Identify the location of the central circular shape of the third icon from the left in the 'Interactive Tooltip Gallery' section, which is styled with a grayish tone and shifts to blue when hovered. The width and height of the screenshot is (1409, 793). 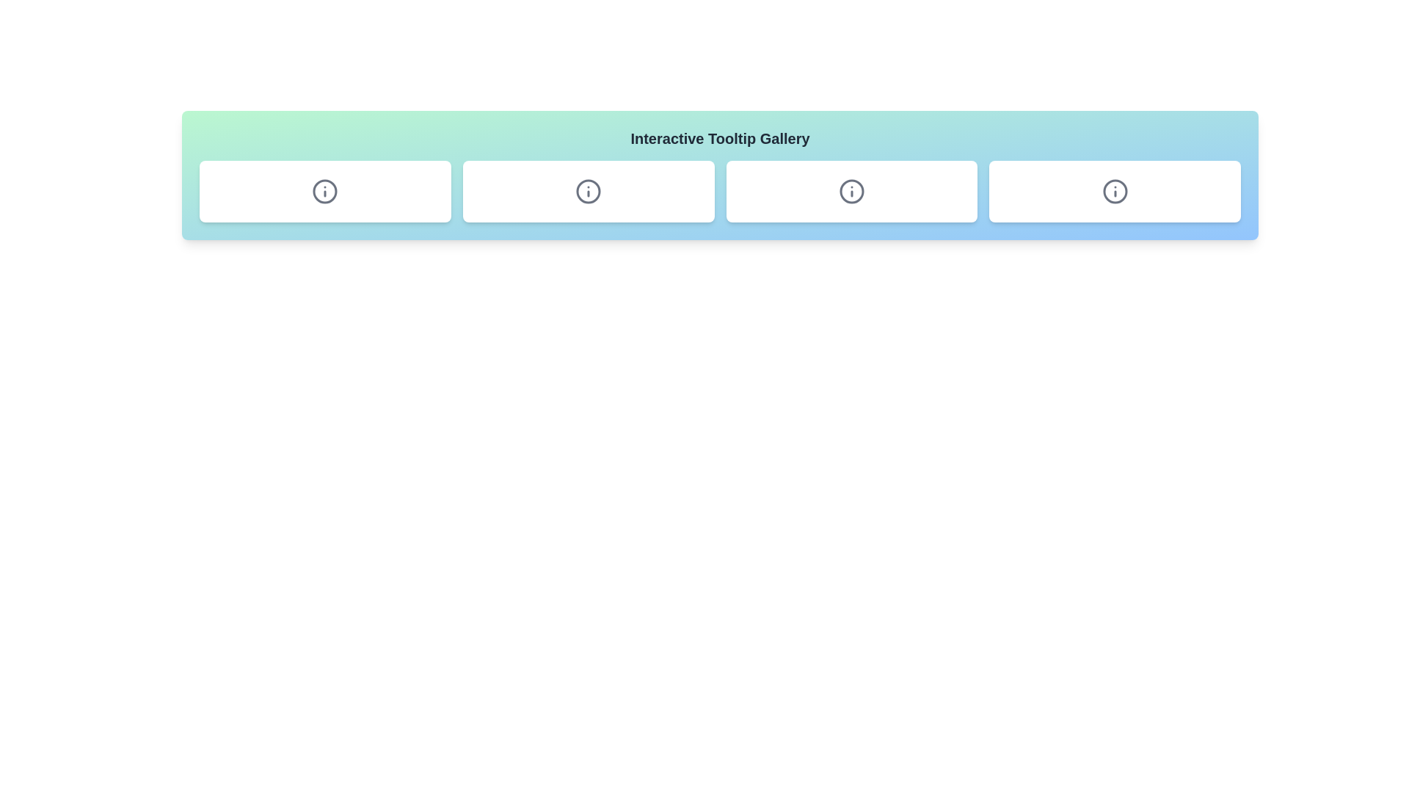
(589, 191).